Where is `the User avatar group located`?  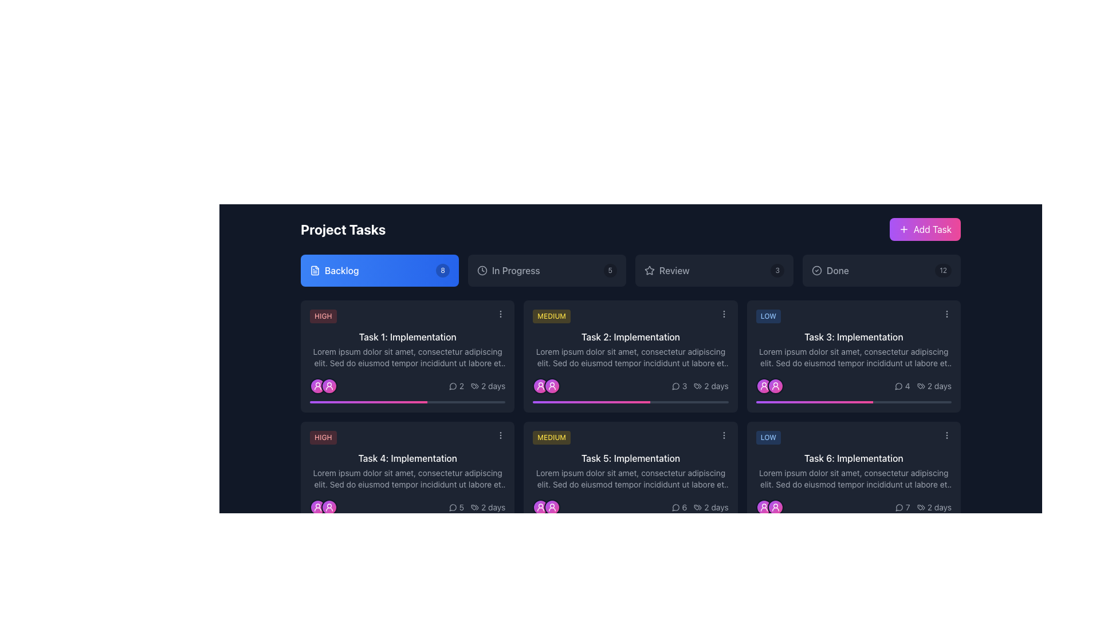 the User avatar group located is located at coordinates (769, 386).